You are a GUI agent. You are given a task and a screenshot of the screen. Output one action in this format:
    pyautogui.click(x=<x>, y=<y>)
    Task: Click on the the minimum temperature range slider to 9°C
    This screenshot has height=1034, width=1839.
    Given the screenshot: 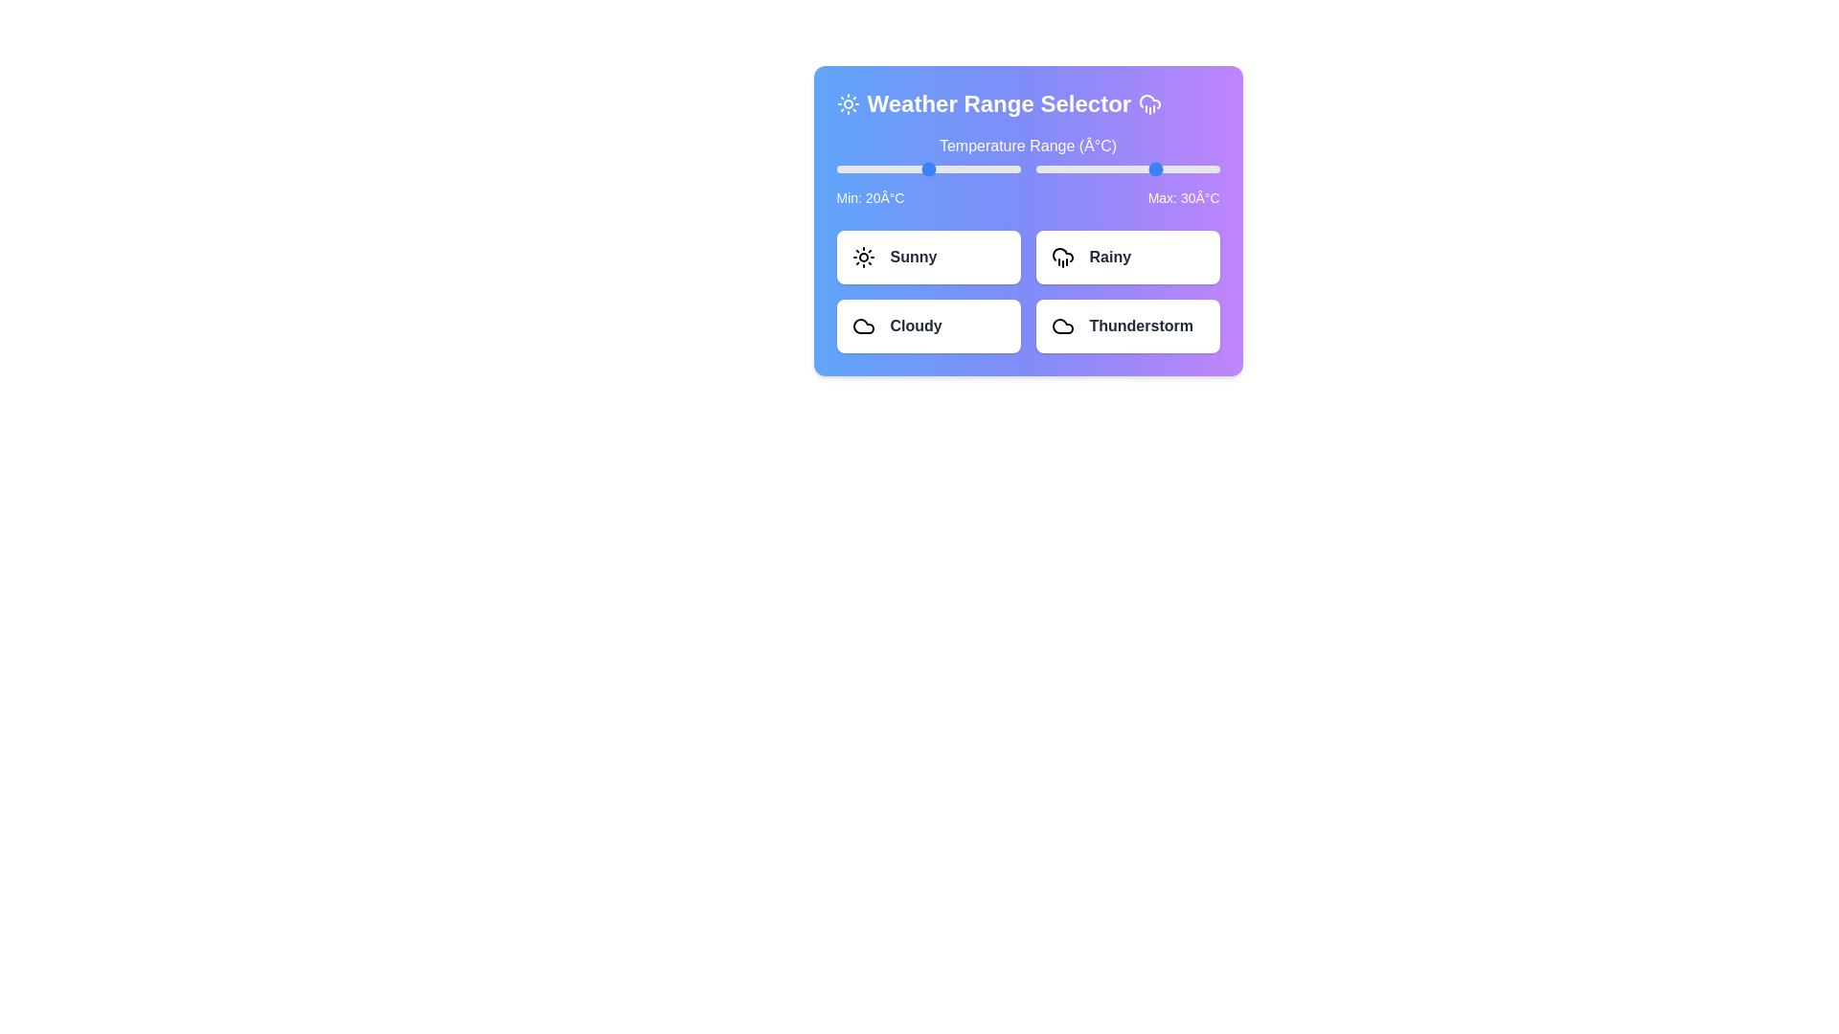 What is the action you would take?
    pyautogui.click(x=894, y=169)
    